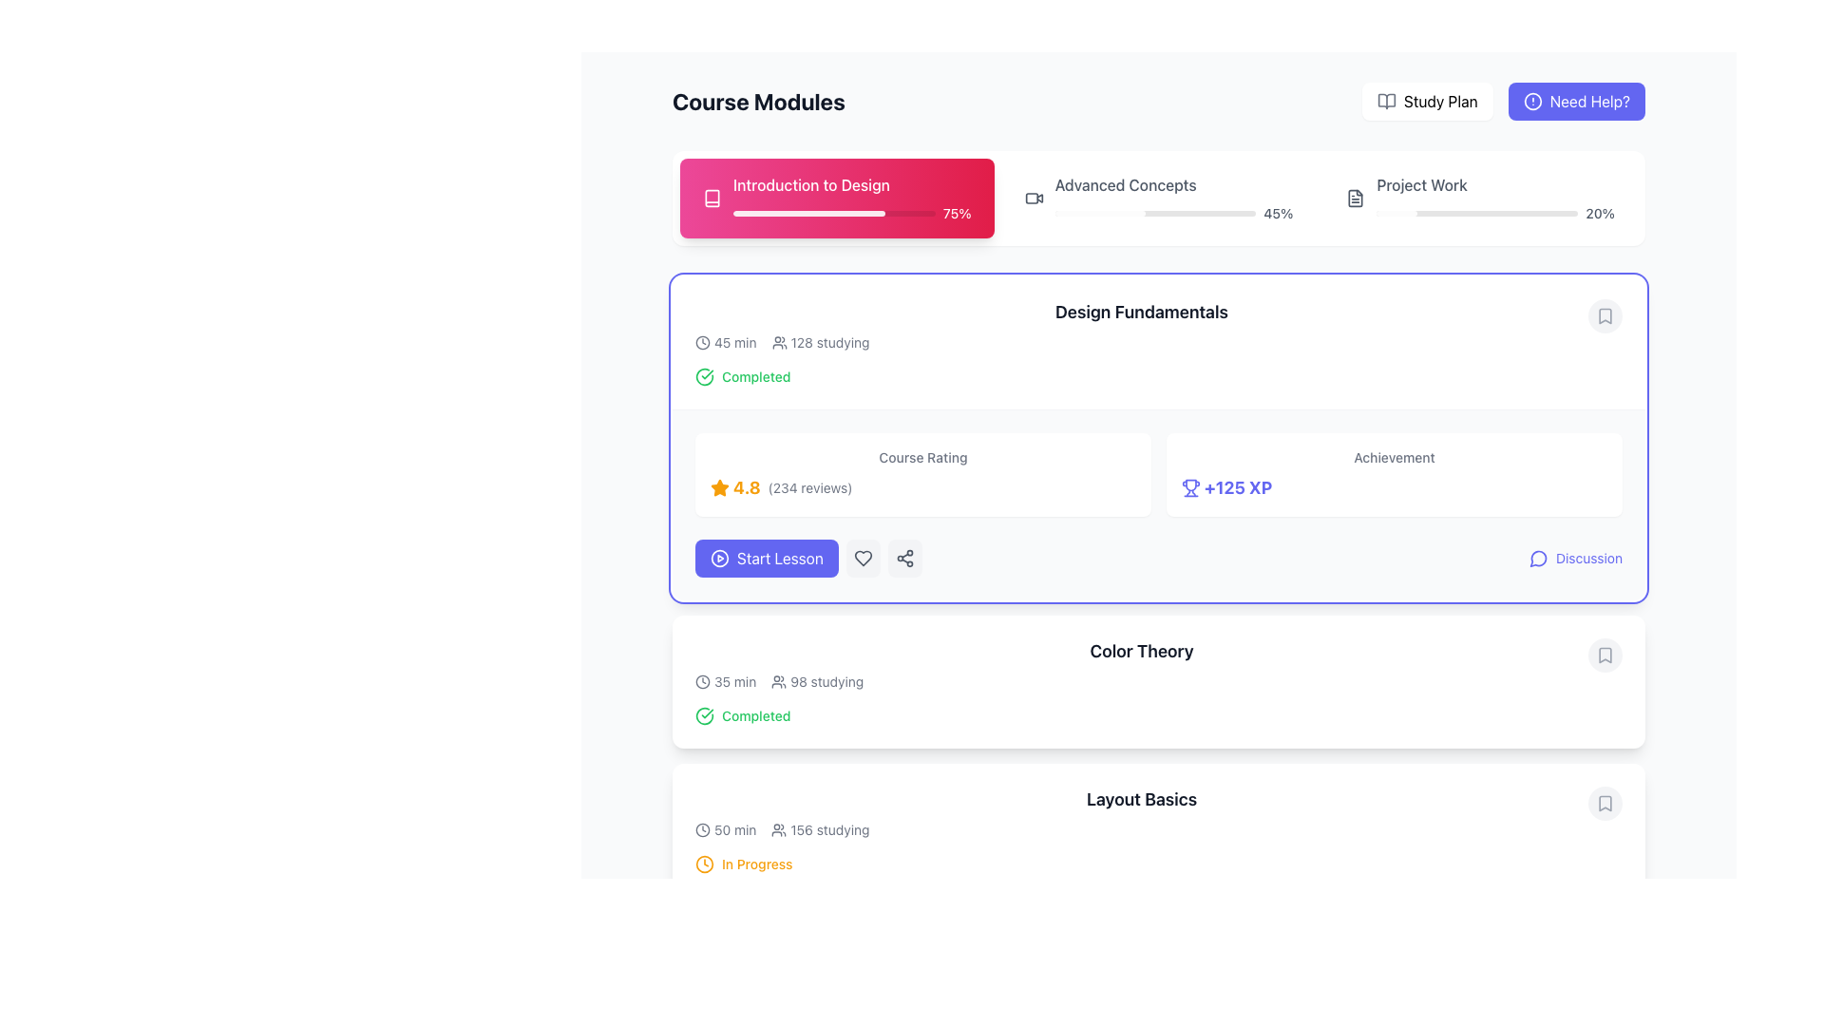 This screenshot has height=1026, width=1824. Describe the element at coordinates (755, 715) in the screenshot. I see `completion status from the text label displaying 'Completed' in light green color, which is part of the status row aligned with other symbols in the Color Theory course card` at that location.